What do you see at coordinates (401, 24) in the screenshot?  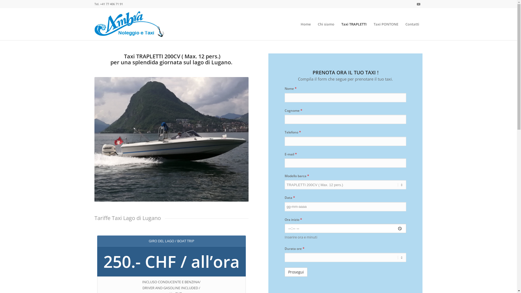 I see `'Contatti'` at bounding box center [401, 24].